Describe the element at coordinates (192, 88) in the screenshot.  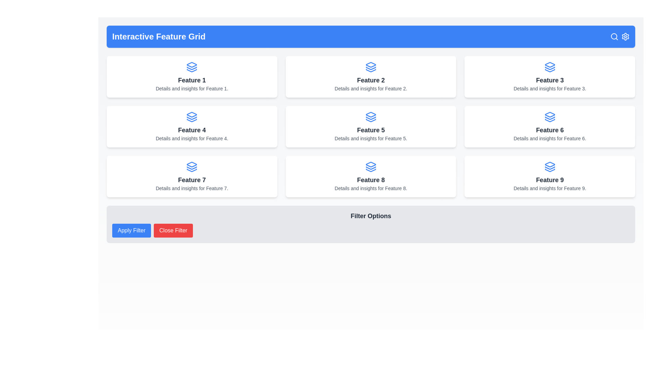
I see `the static text providing additional descriptive information for 'Feature 1' located below the bold text within the card layout in the grid interface` at that location.